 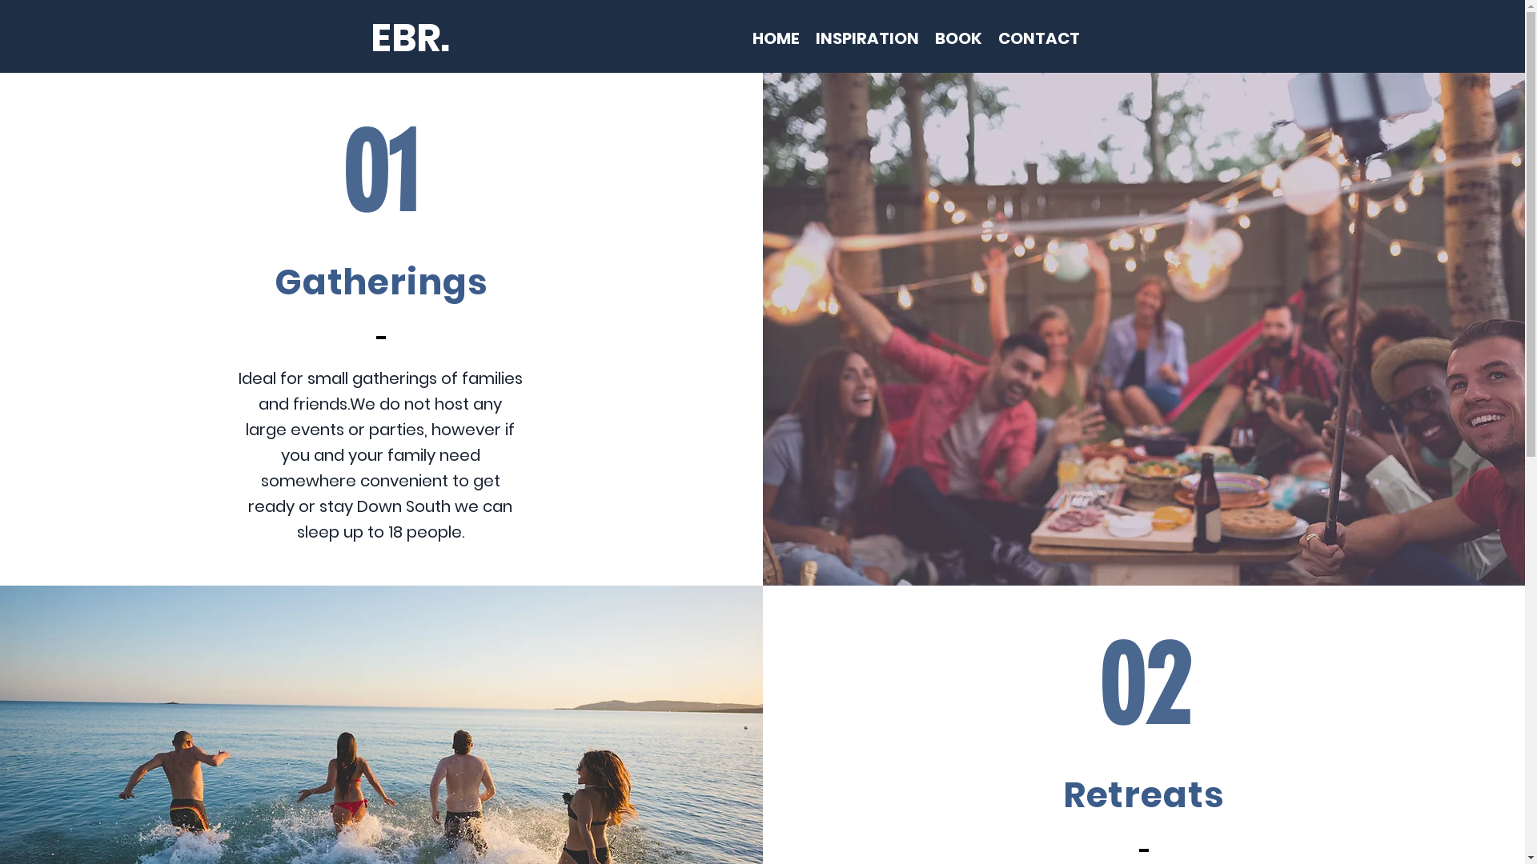 What do you see at coordinates (989, 37) in the screenshot?
I see `'CONTACT'` at bounding box center [989, 37].